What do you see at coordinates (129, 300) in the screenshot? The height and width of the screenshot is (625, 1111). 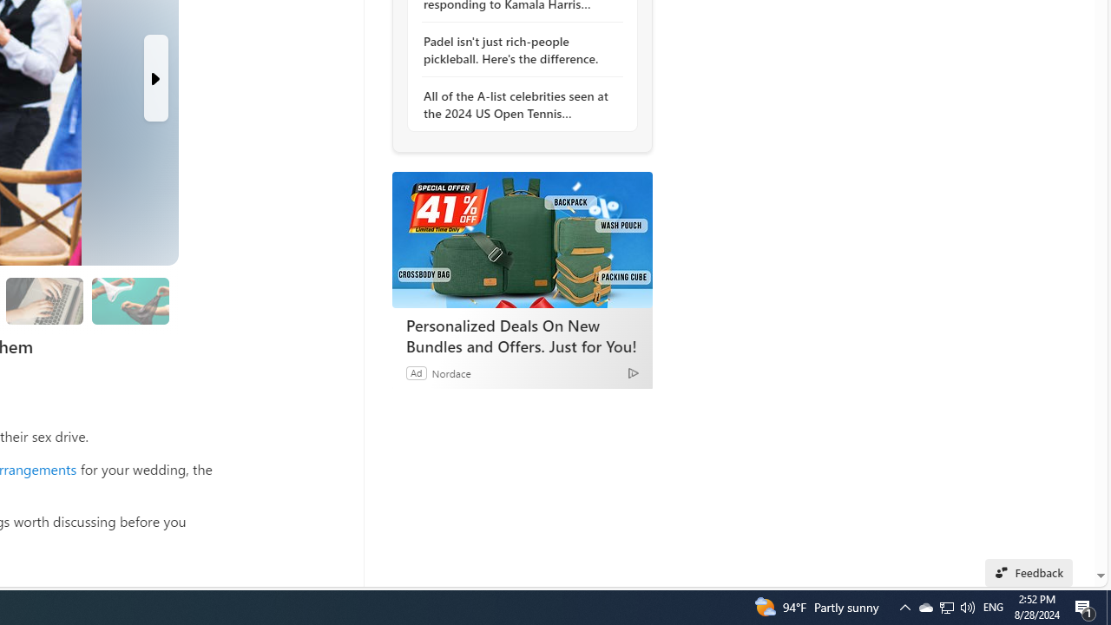 I see `'How important is sex to you?'` at bounding box center [129, 300].